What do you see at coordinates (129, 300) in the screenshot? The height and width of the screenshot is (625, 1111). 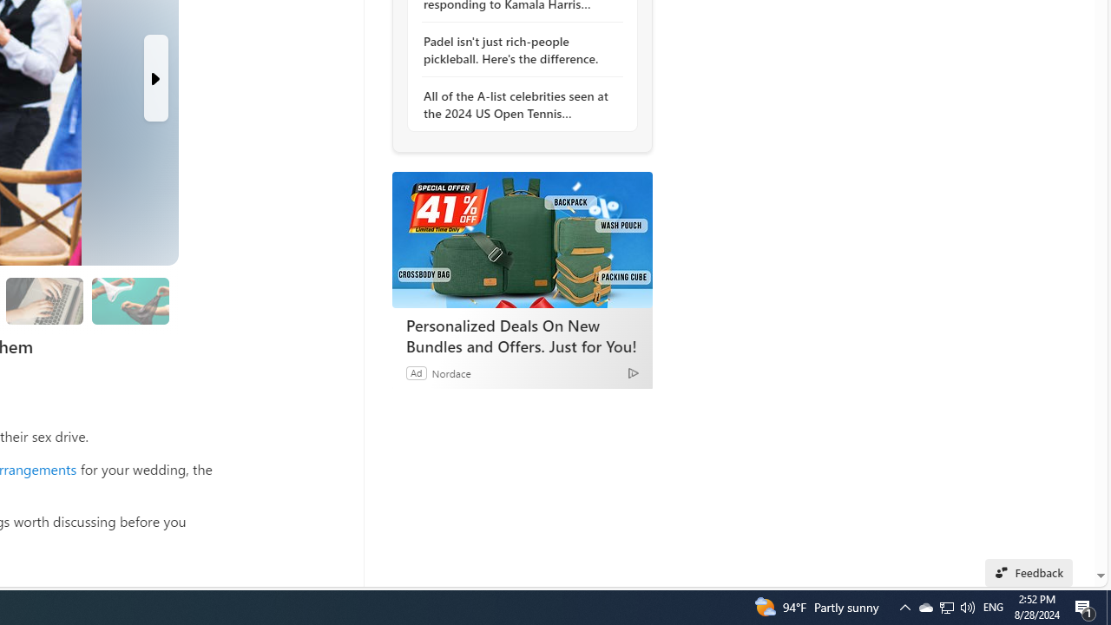 I see `'How important is sex to you?'` at bounding box center [129, 300].